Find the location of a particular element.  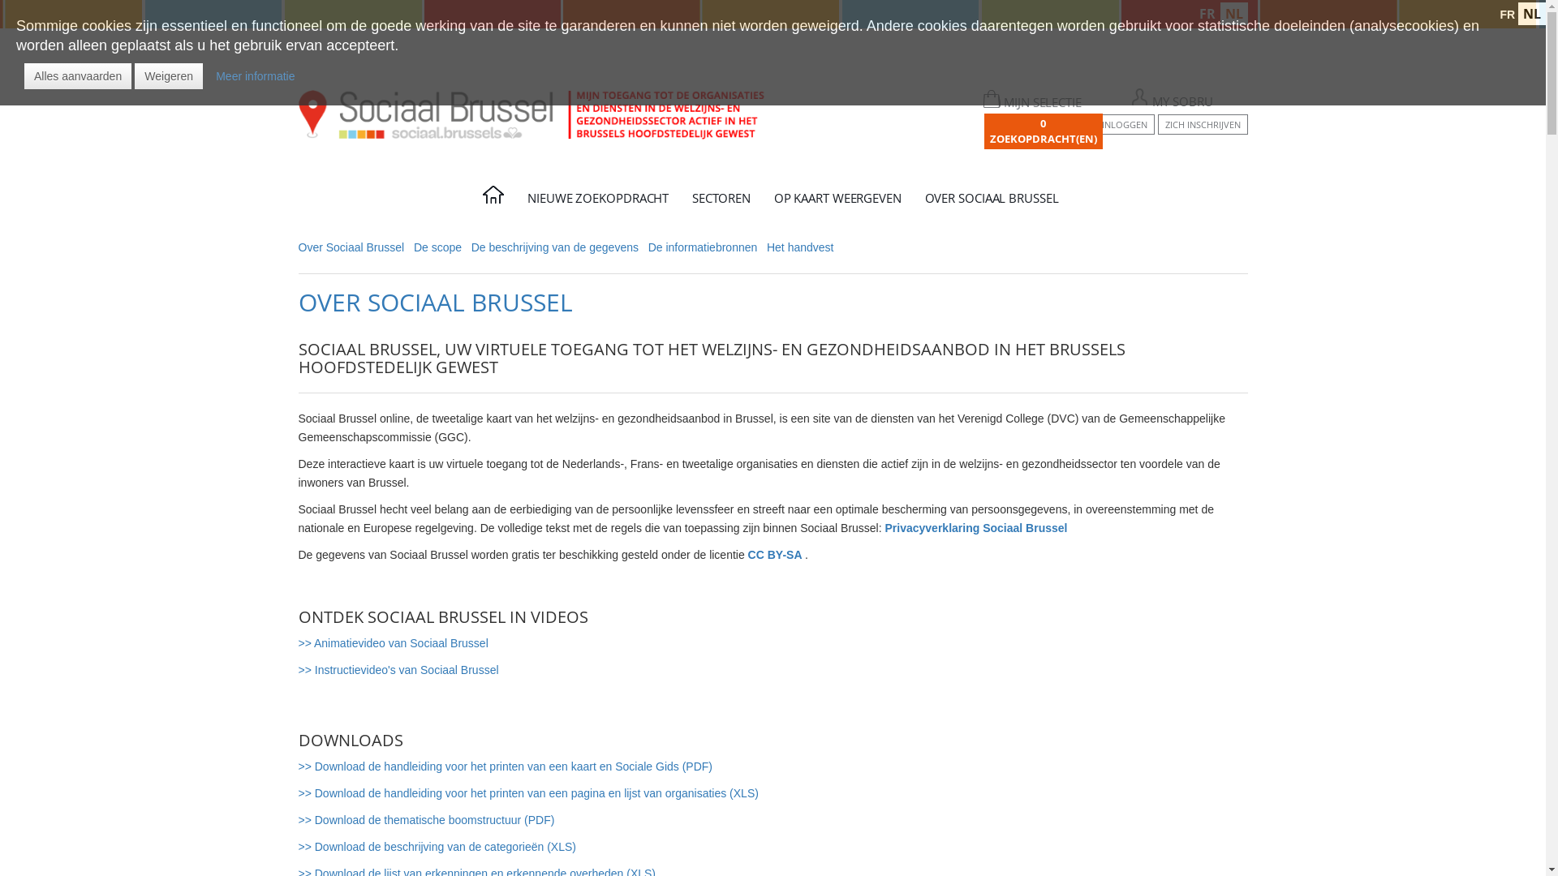

'OP KAART WEERGEVEN' is located at coordinates (840, 202).